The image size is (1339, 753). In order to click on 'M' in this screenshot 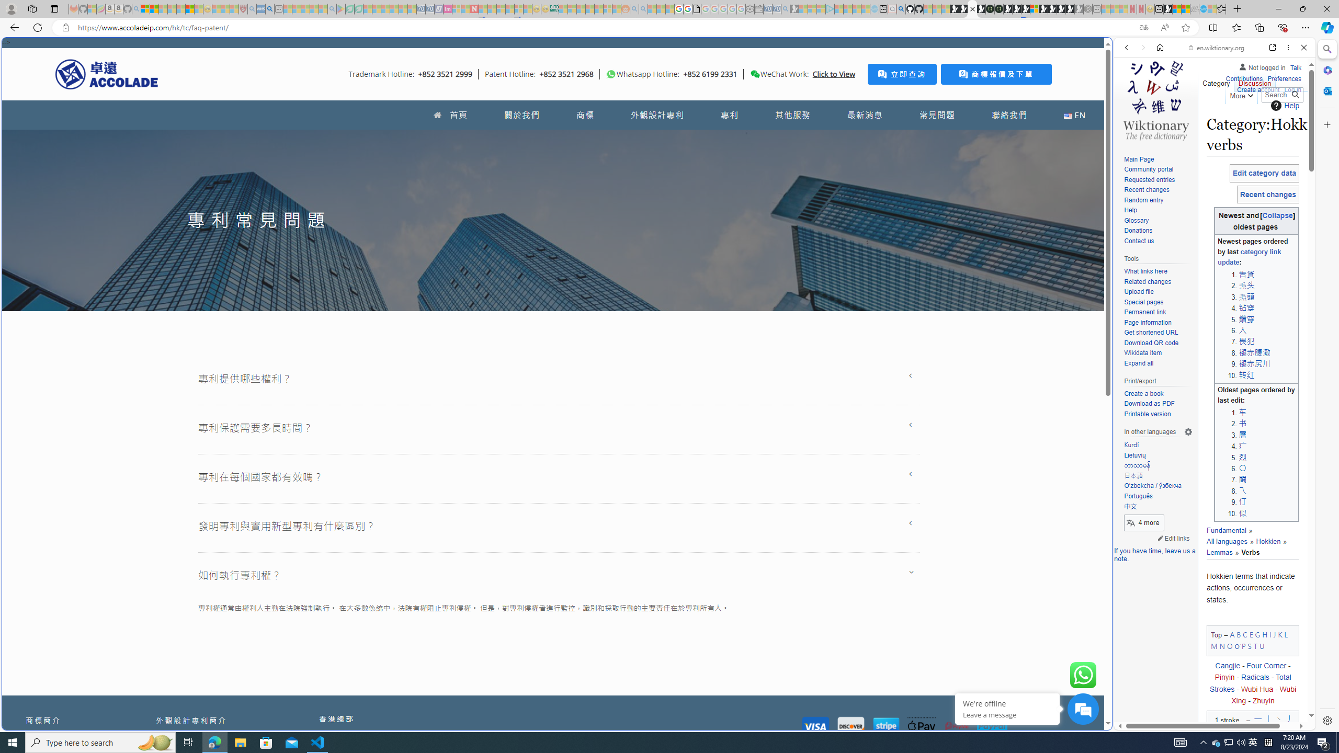, I will do `click(1213, 645)`.